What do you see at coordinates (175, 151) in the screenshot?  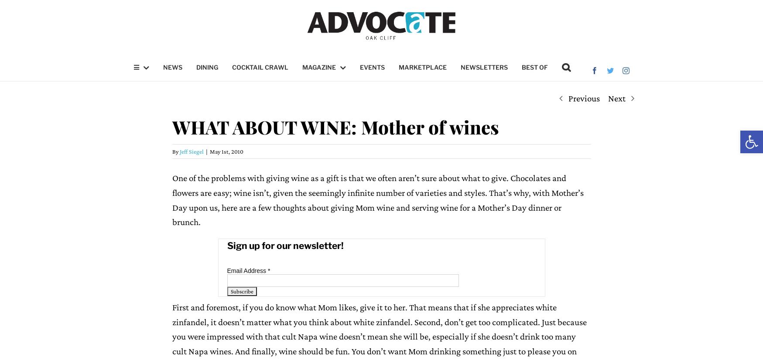 I see `'By'` at bounding box center [175, 151].